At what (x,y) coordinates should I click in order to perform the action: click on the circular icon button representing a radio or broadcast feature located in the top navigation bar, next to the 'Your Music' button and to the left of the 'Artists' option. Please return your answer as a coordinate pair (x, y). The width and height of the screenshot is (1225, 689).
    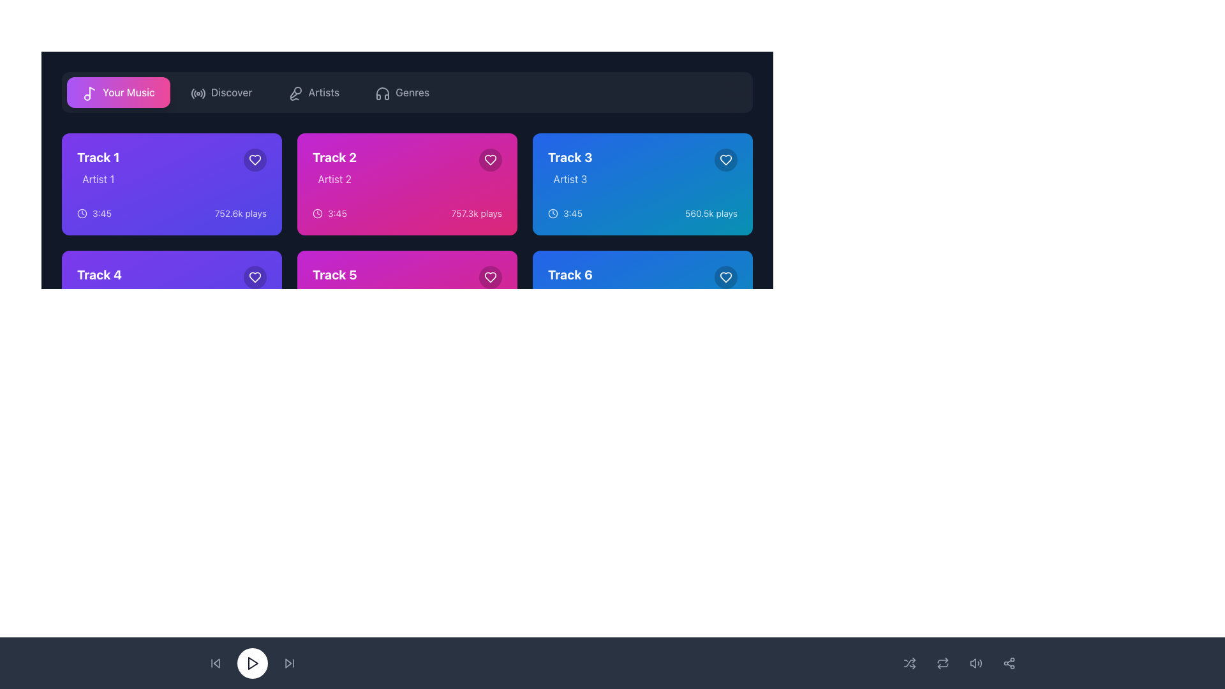
    Looking at the image, I should click on (197, 93).